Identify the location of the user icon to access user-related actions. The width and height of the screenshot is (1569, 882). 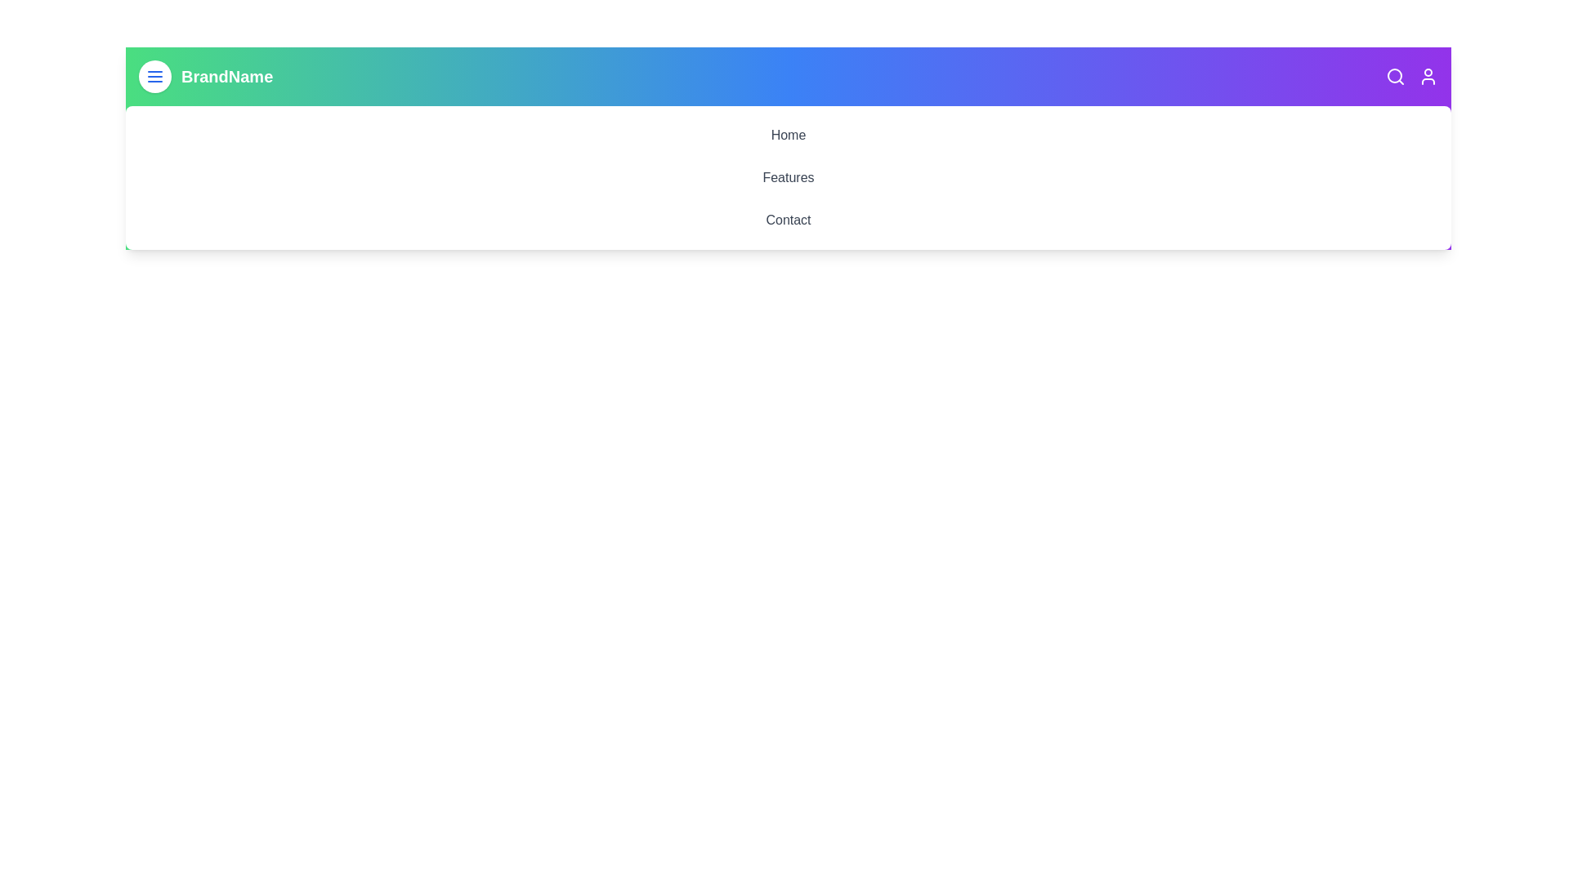
(1427, 76).